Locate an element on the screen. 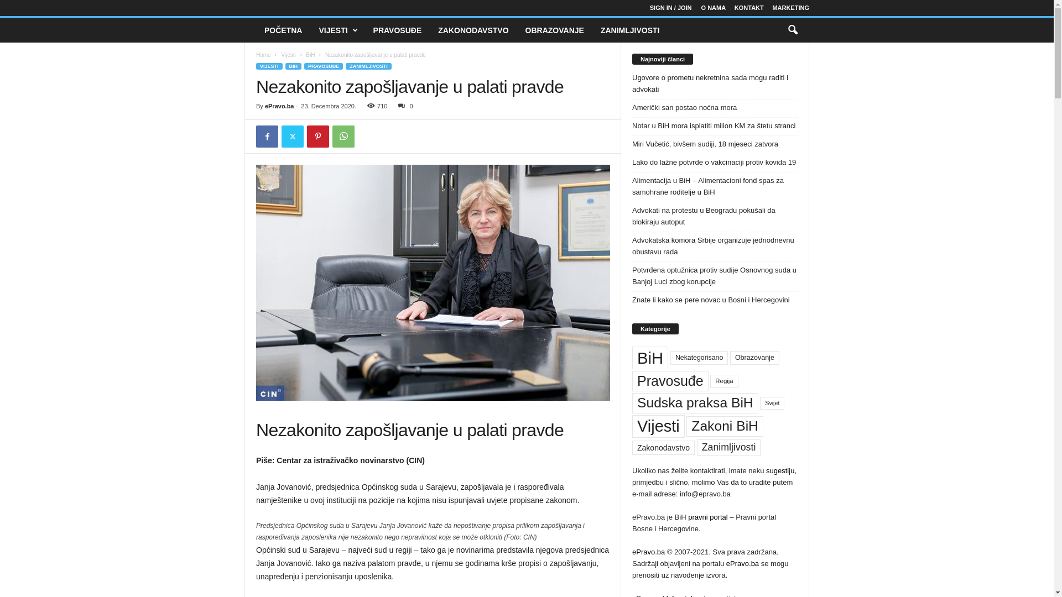 The height and width of the screenshot is (597, 1062). 'Twitter' is located at coordinates (292, 135).